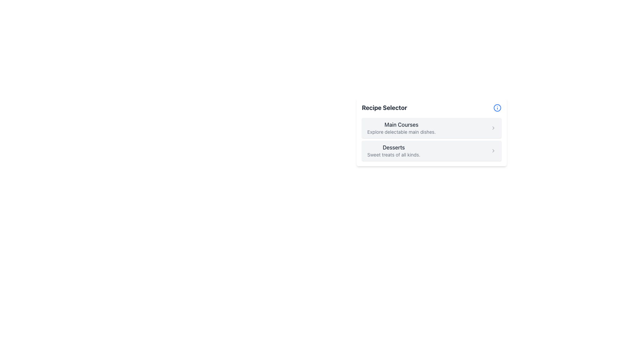 This screenshot has width=644, height=362. I want to click on the Text Label that serves as the title for the 'Main Courses' section, located at the top of the section above the descriptive text, so click(401, 124).